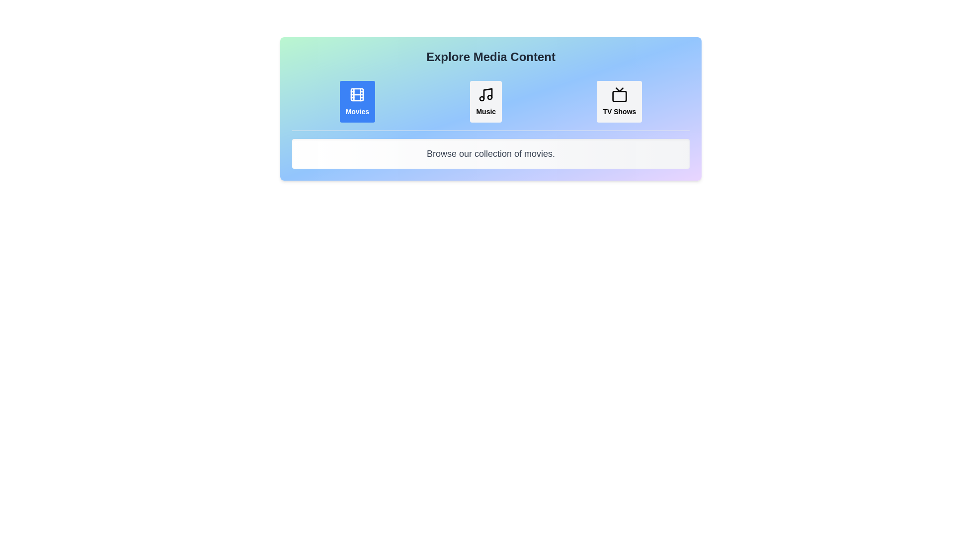  I want to click on text component displaying the word 'Movies' as a label for the associated button, which is styled in bold white on a blue background and positioned below a filmstrip icon, so click(357, 111).